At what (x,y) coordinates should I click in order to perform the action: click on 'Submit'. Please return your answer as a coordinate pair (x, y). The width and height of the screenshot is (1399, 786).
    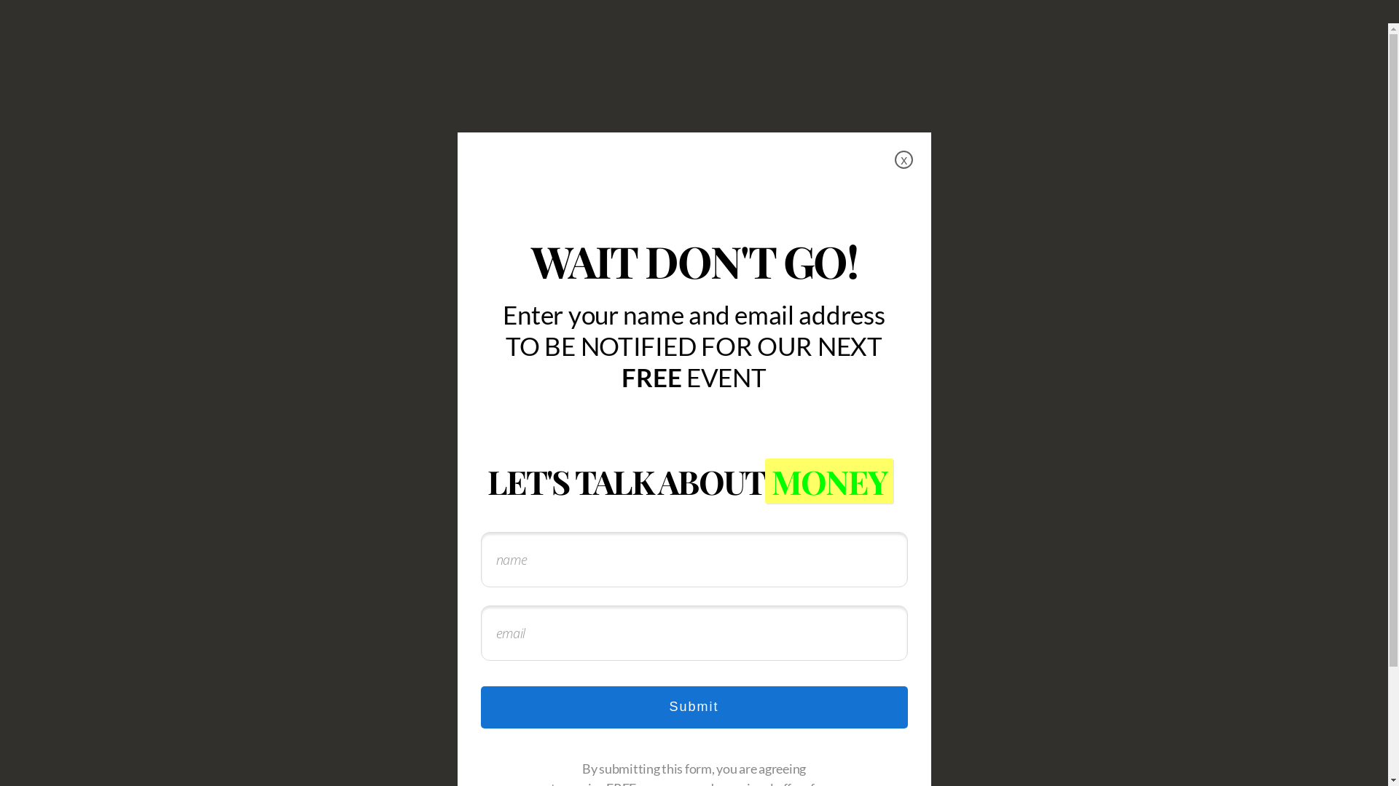
    Looking at the image, I should click on (694, 707).